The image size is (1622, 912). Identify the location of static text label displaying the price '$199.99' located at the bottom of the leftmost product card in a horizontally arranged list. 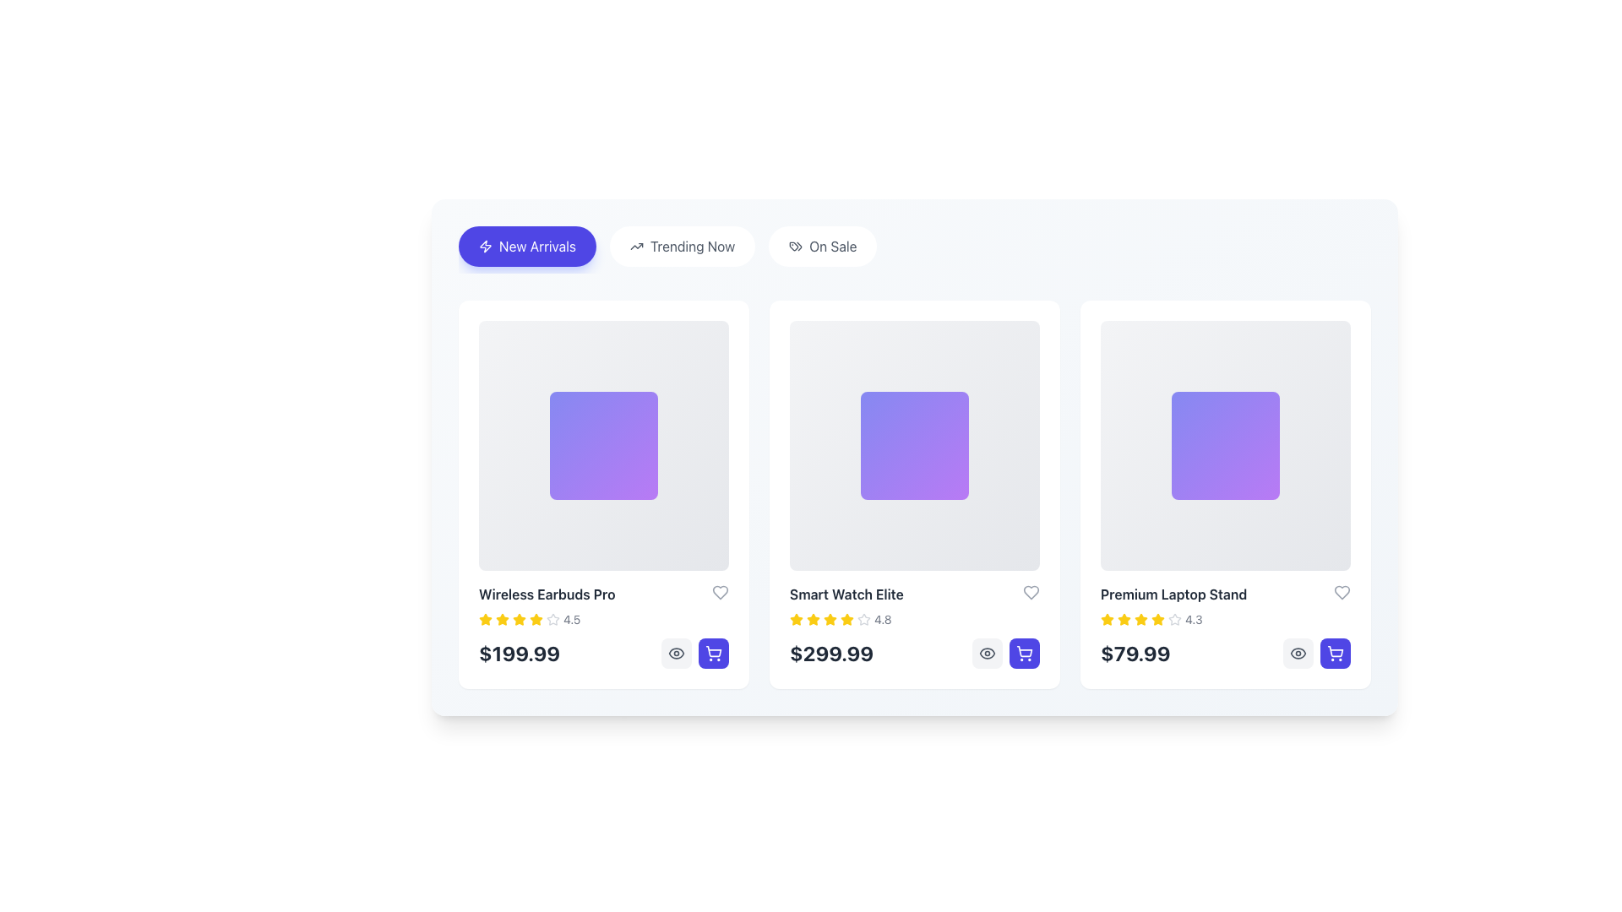
(519, 653).